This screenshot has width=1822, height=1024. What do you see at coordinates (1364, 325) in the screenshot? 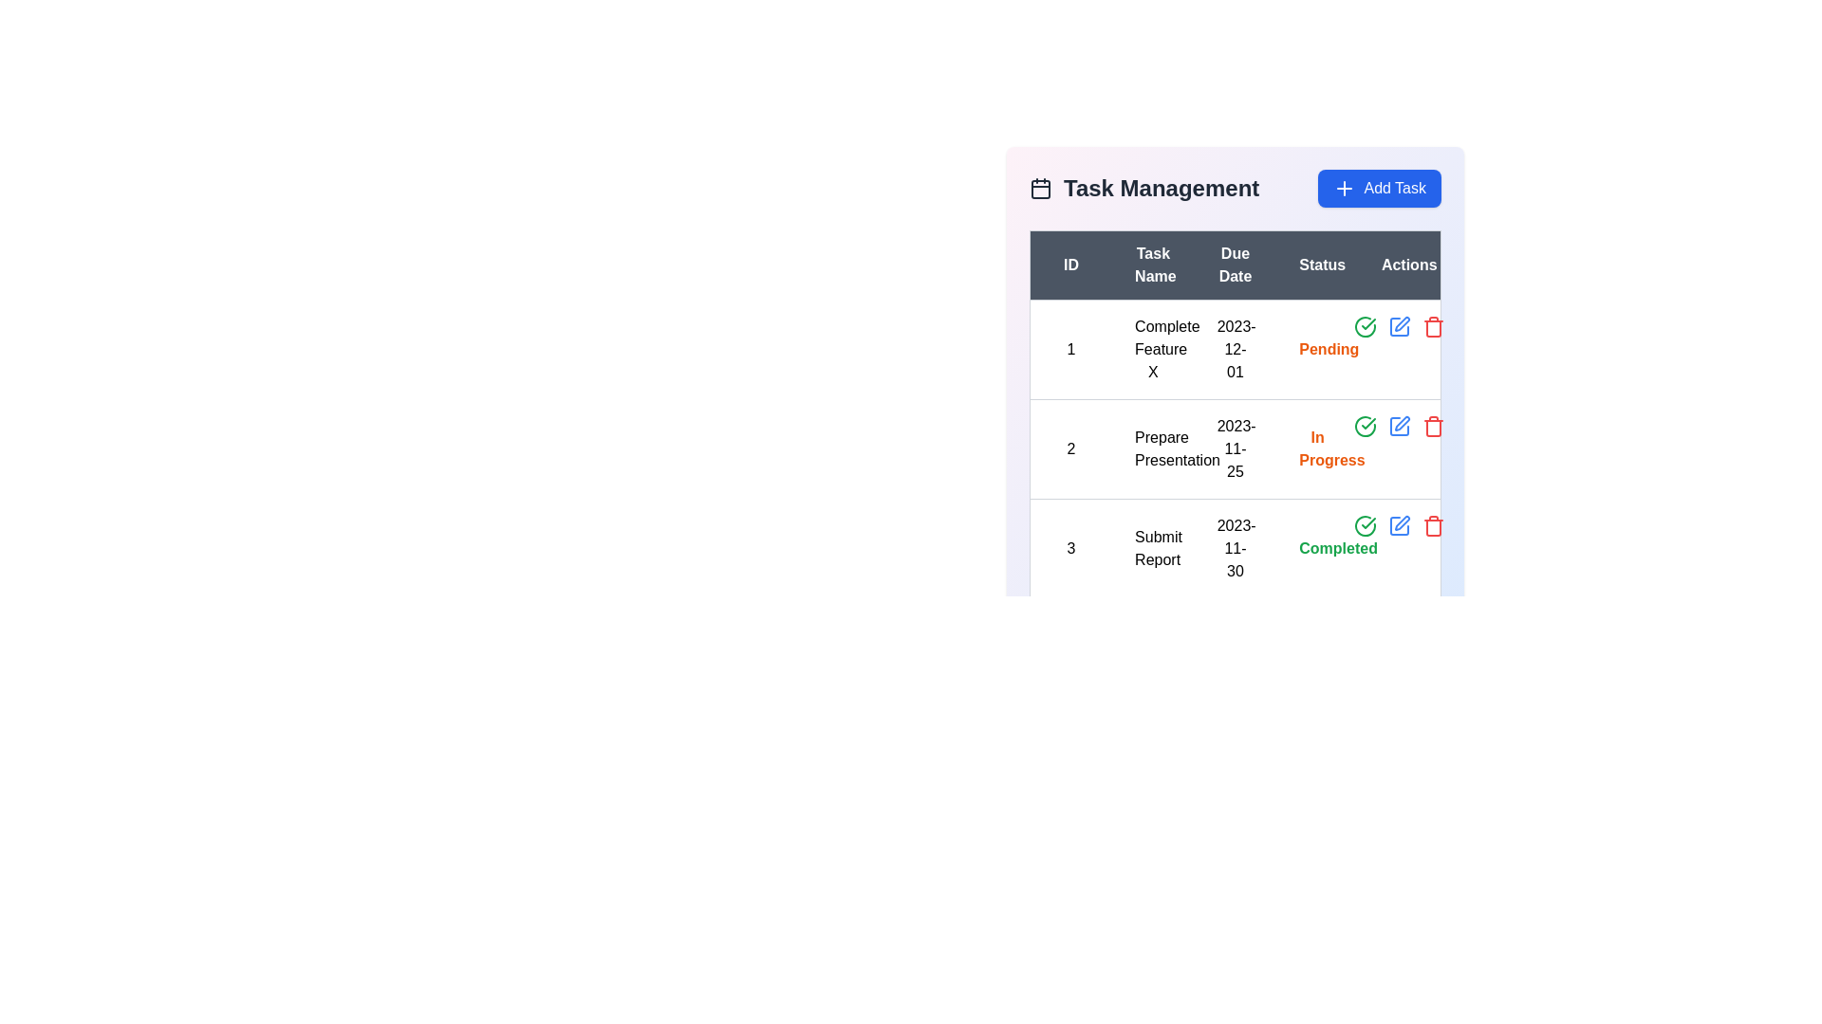
I see `the green circular icon with a tick mark in the 'Status' column of the first row in the 'Task Management' table` at bounding box center [1364, 325].